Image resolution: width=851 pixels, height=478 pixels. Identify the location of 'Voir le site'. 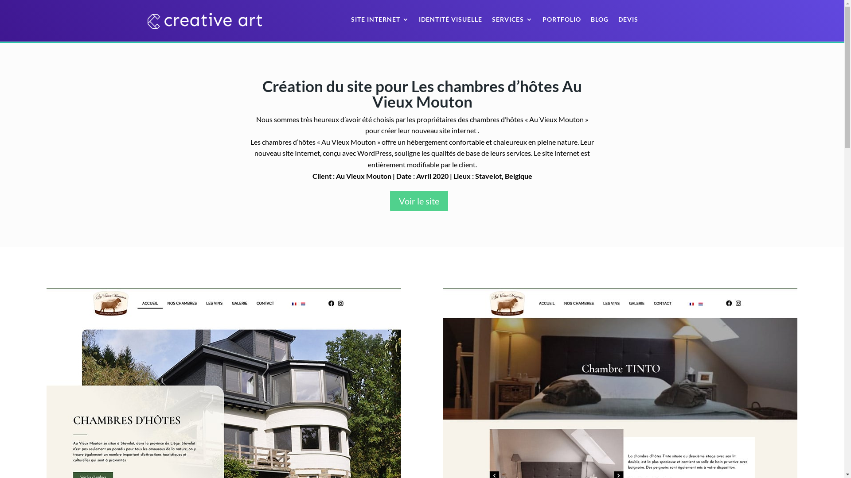
(418, 201).